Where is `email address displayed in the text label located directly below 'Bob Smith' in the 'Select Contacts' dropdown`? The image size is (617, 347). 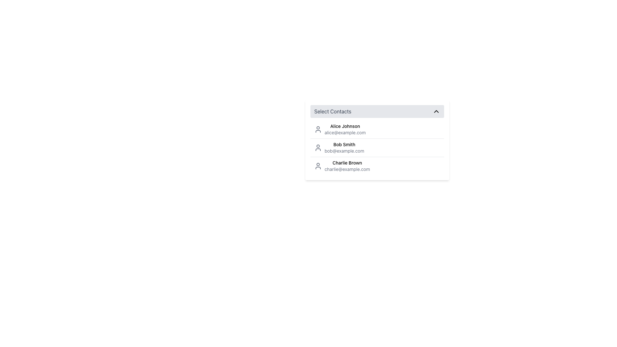
email address displayed in the text label located directly below 'Bob Smith' in the 'Select Contacts' dropdown is located at coordinates (344, 151).